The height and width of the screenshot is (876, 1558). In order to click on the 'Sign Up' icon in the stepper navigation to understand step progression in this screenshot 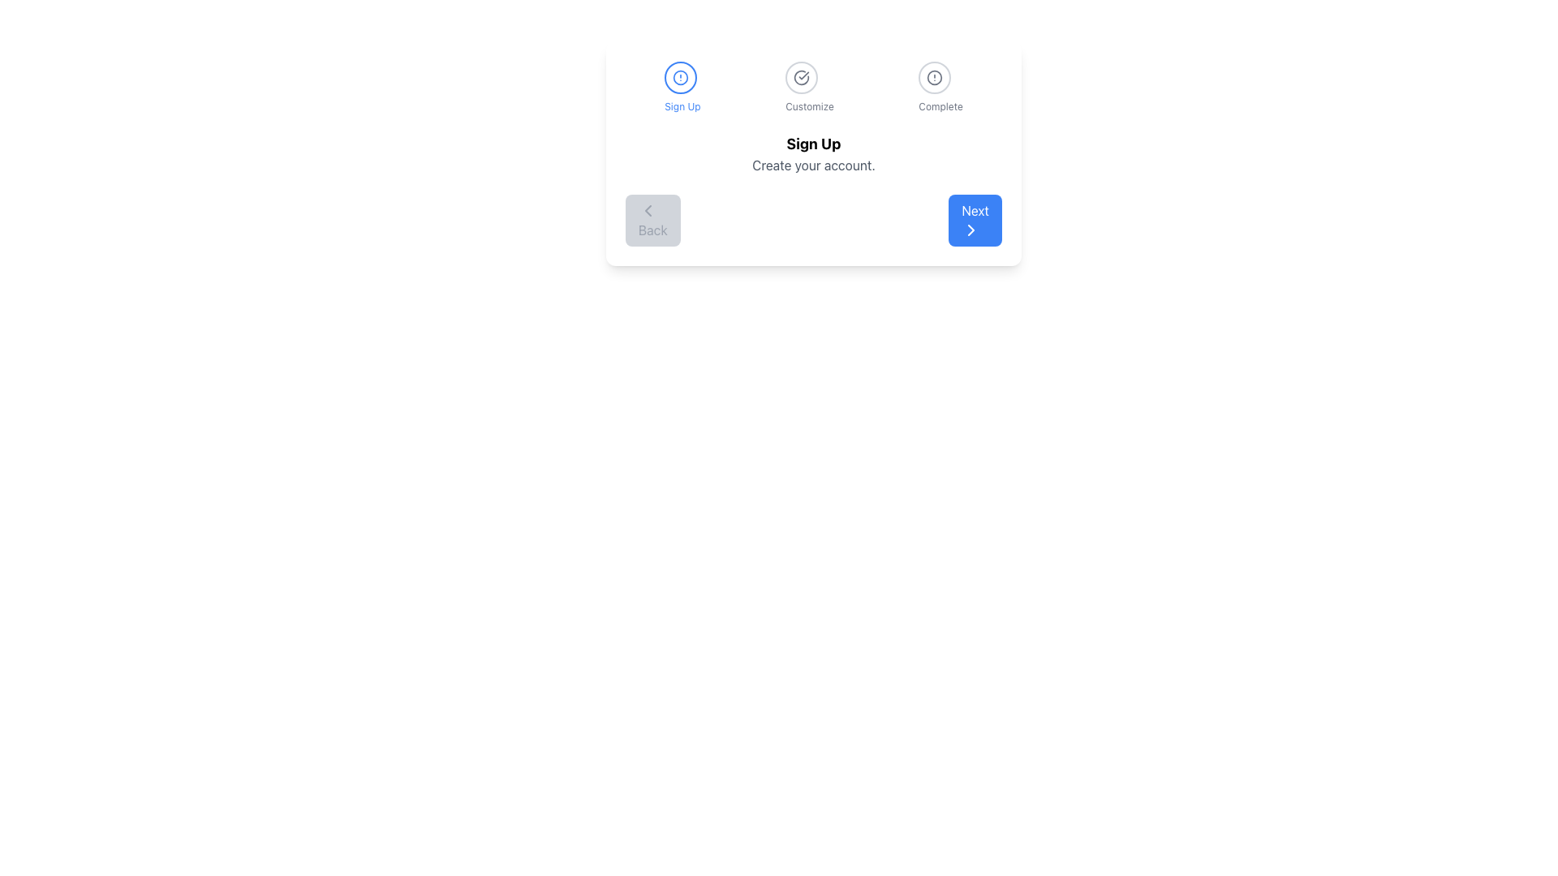, I will do `click(681, 78)`.